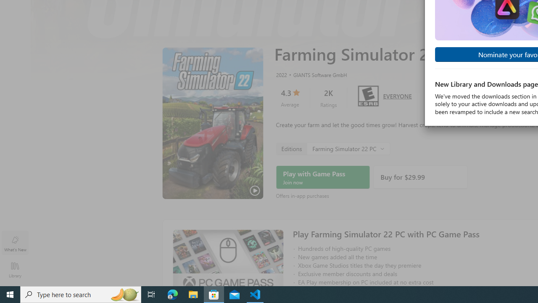 Image resolution: width=538 pixels, height=303 pixels. What do you see at coordinates (420, 177) in the screenshot?
I see `'Buy'` at bounding box center [420, 177].